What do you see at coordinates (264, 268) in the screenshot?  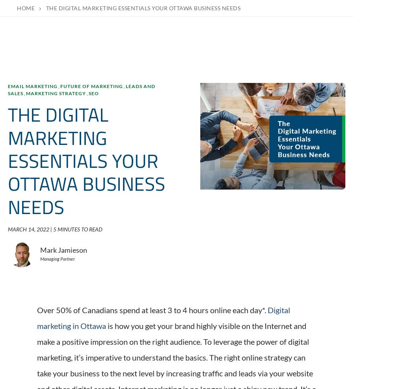 I see `'Blog'` at bounding box center [264, 268].